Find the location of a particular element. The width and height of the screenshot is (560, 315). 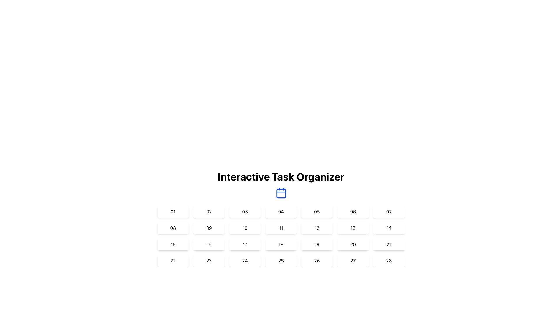

the button representing the number '13' located in the third row and sixth column of the grid is located at coordinates (353, 228).